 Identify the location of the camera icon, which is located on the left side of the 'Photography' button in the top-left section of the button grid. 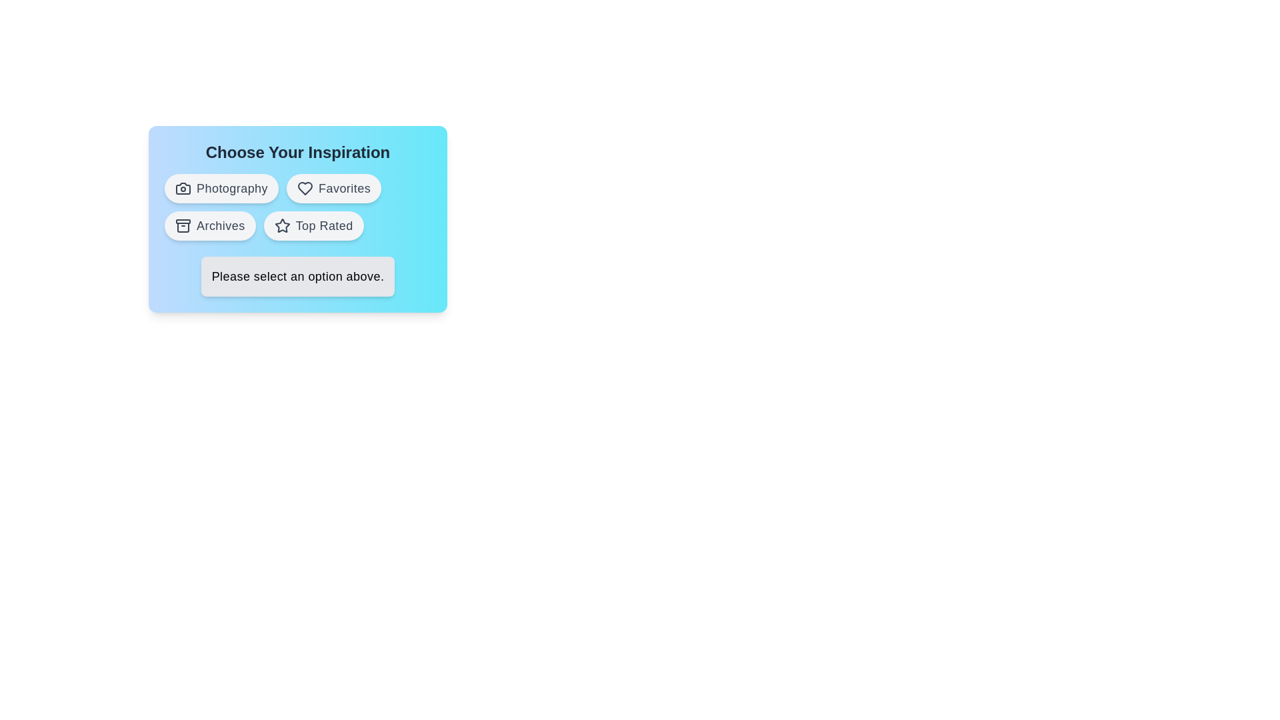
(182, 188).